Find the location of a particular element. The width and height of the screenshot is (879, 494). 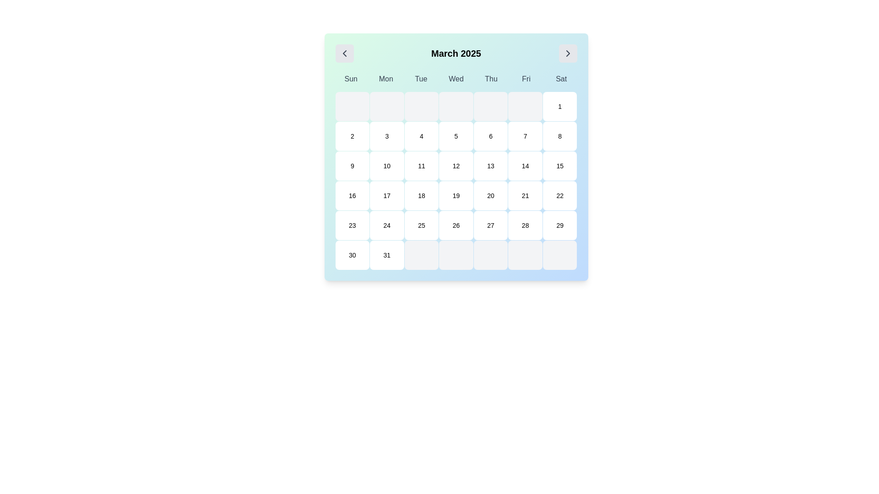

the calendar cell located in the sixth column of the last row, which is styled with a rounded rectangular border and a light gray background is located at coordinates (490, 255).